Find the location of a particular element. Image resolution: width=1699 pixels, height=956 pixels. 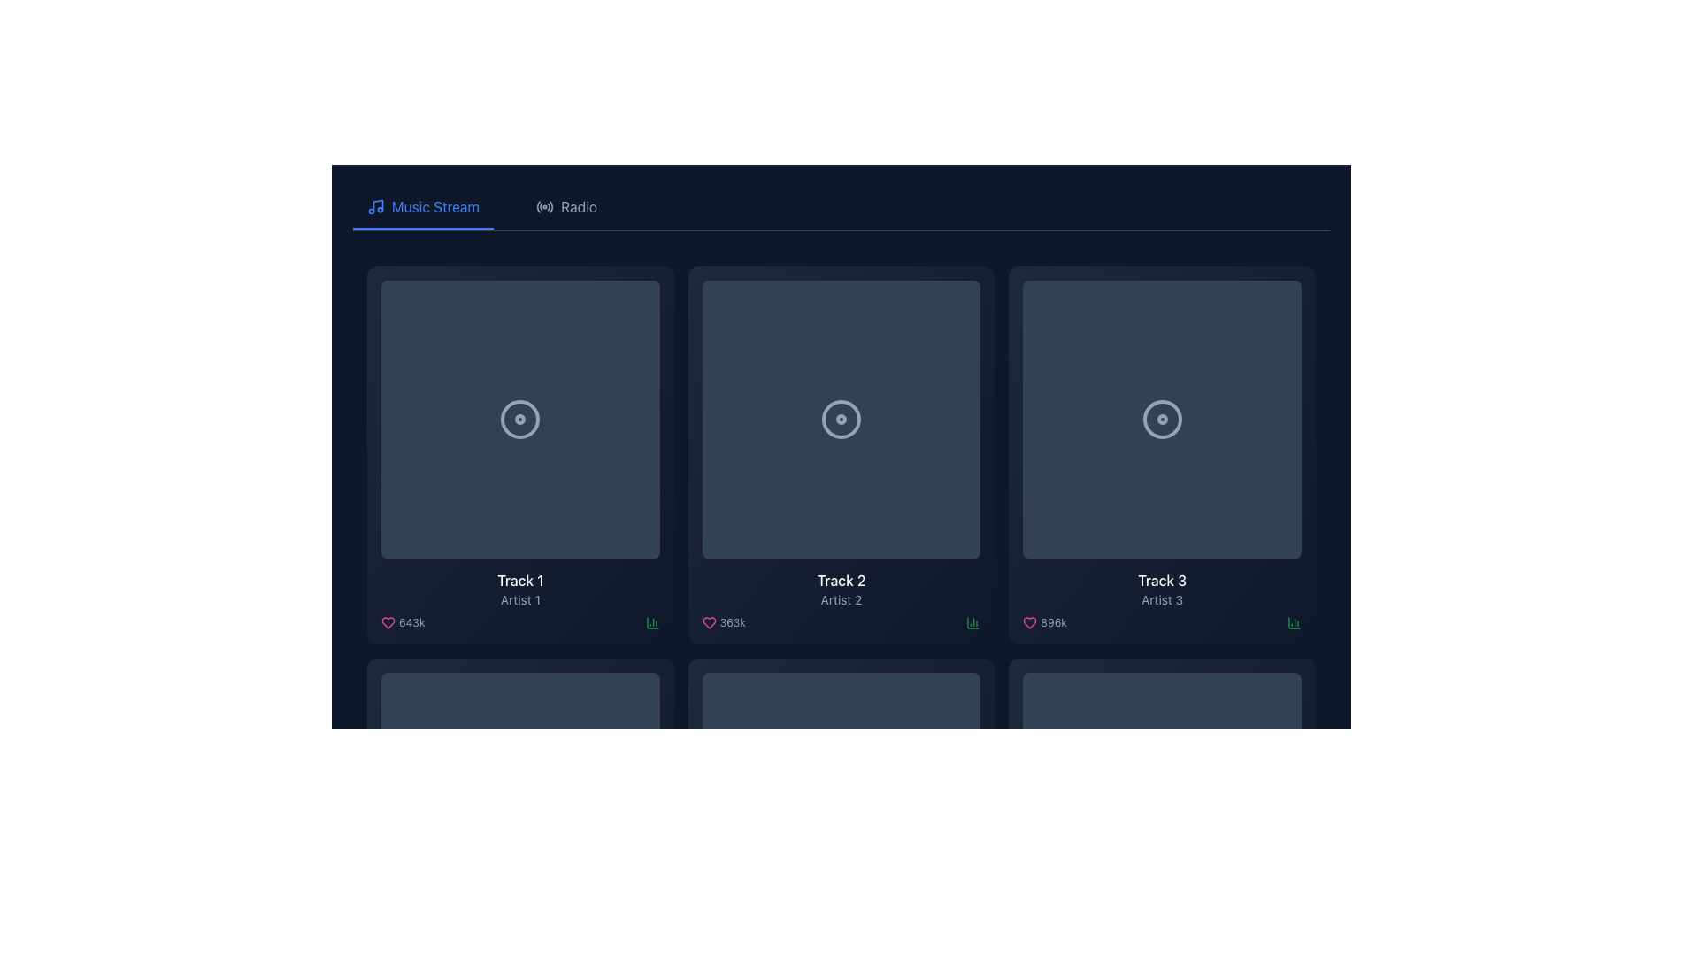

the circular icon representing play functionality or album art within the first card labeled 'Track 1' and 'Artist 1' is located at coordinates (519, 420).